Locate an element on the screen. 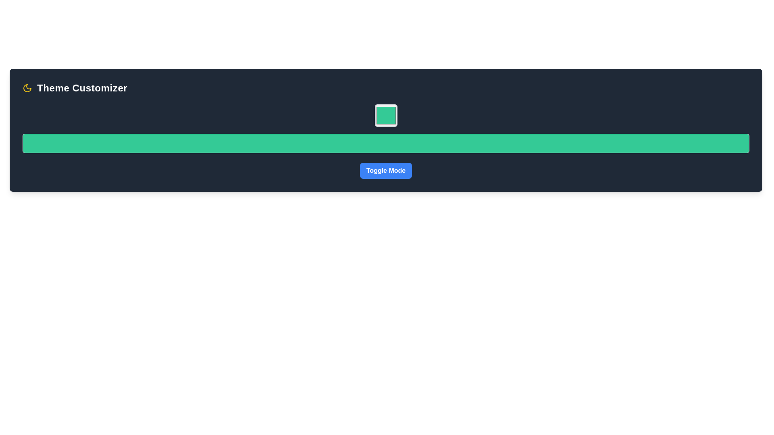 This screenshot has height=435, width=774. the 'Toggle Mode' button located at the bottom of the 'Theme Customizer' panel to activate its hover effects is located at coordinates (385, 170).